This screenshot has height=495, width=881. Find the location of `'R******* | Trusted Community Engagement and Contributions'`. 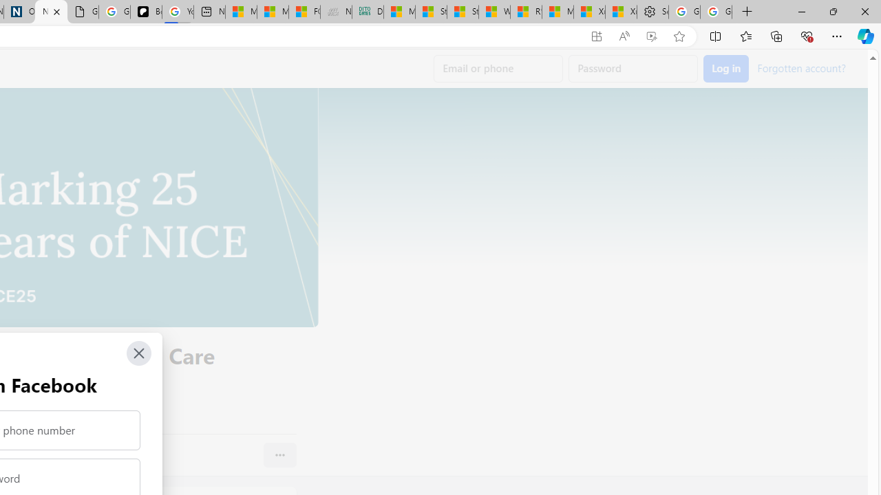

'R******* | Trusted Community Engagement and Contributions' is located at coordinates (525, 12).